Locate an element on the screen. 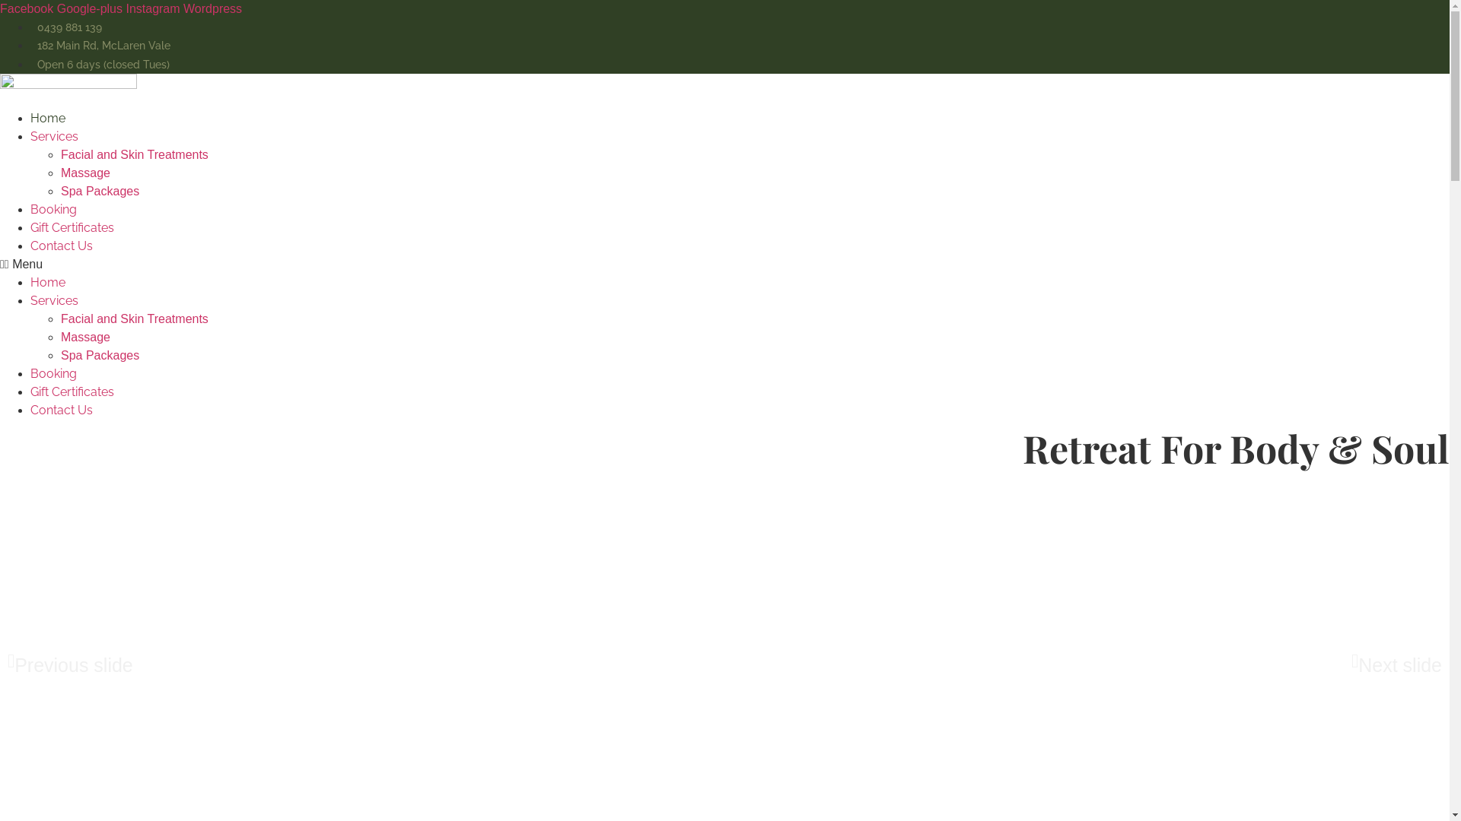 The height and width of the screenshot is (821, 1461). 'Wordpress' is located at coordinates (212, 8).